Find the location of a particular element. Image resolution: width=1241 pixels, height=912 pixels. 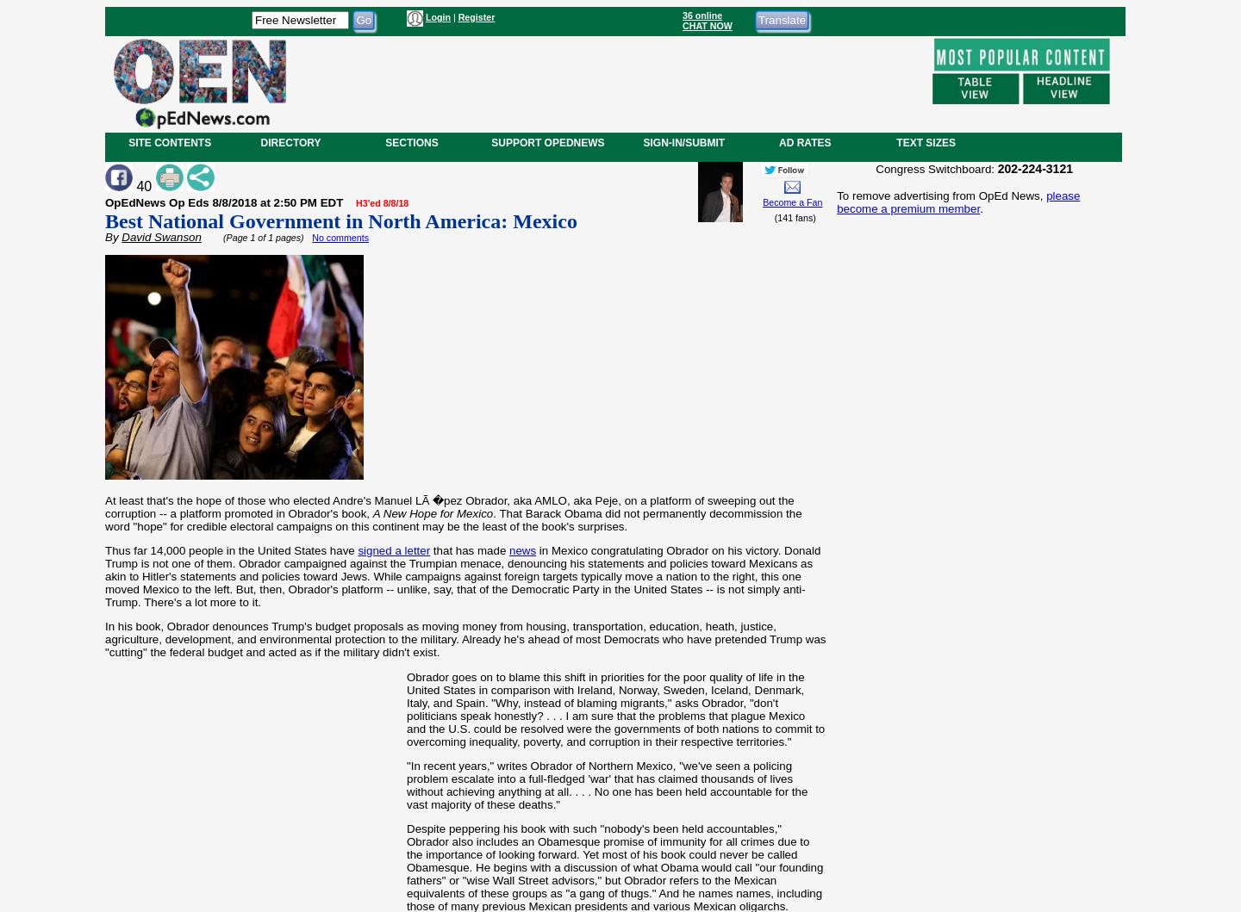

'|' is located at coordinates (452, 17).